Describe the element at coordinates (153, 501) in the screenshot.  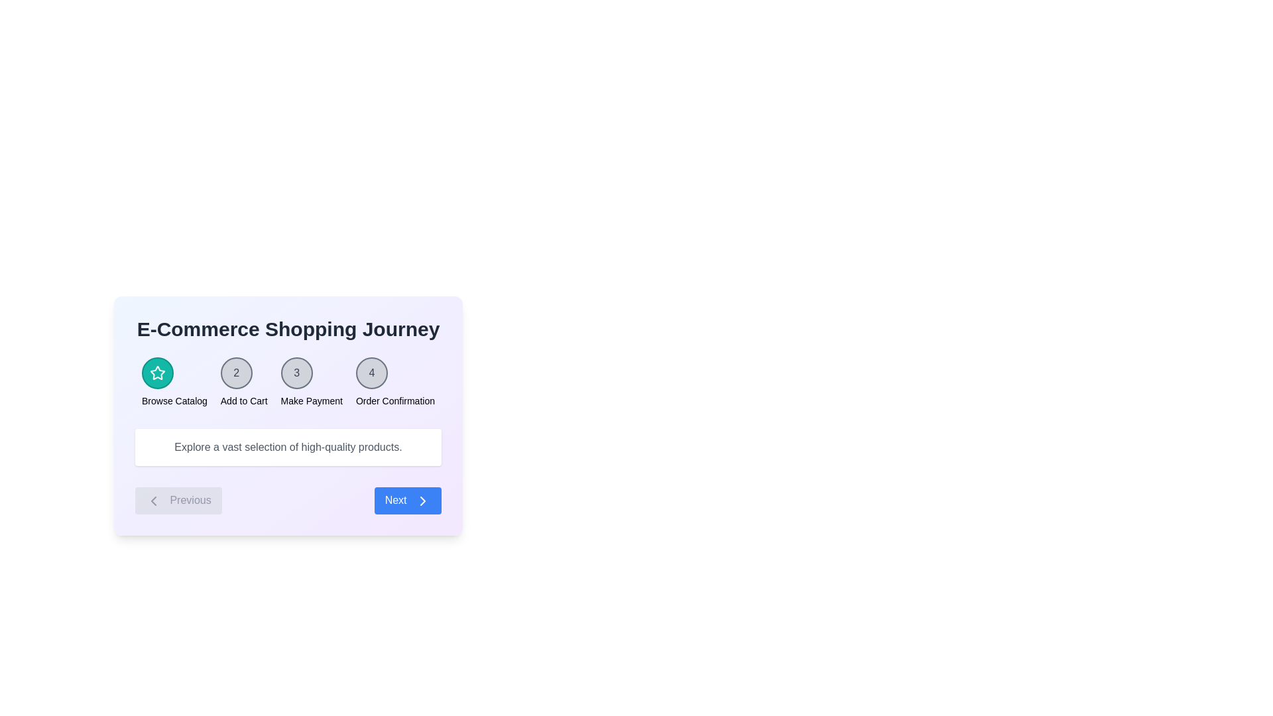
I see `the chevron-left icon within the 'Previous' button located at the bottom-left corner of the interface` at that location.